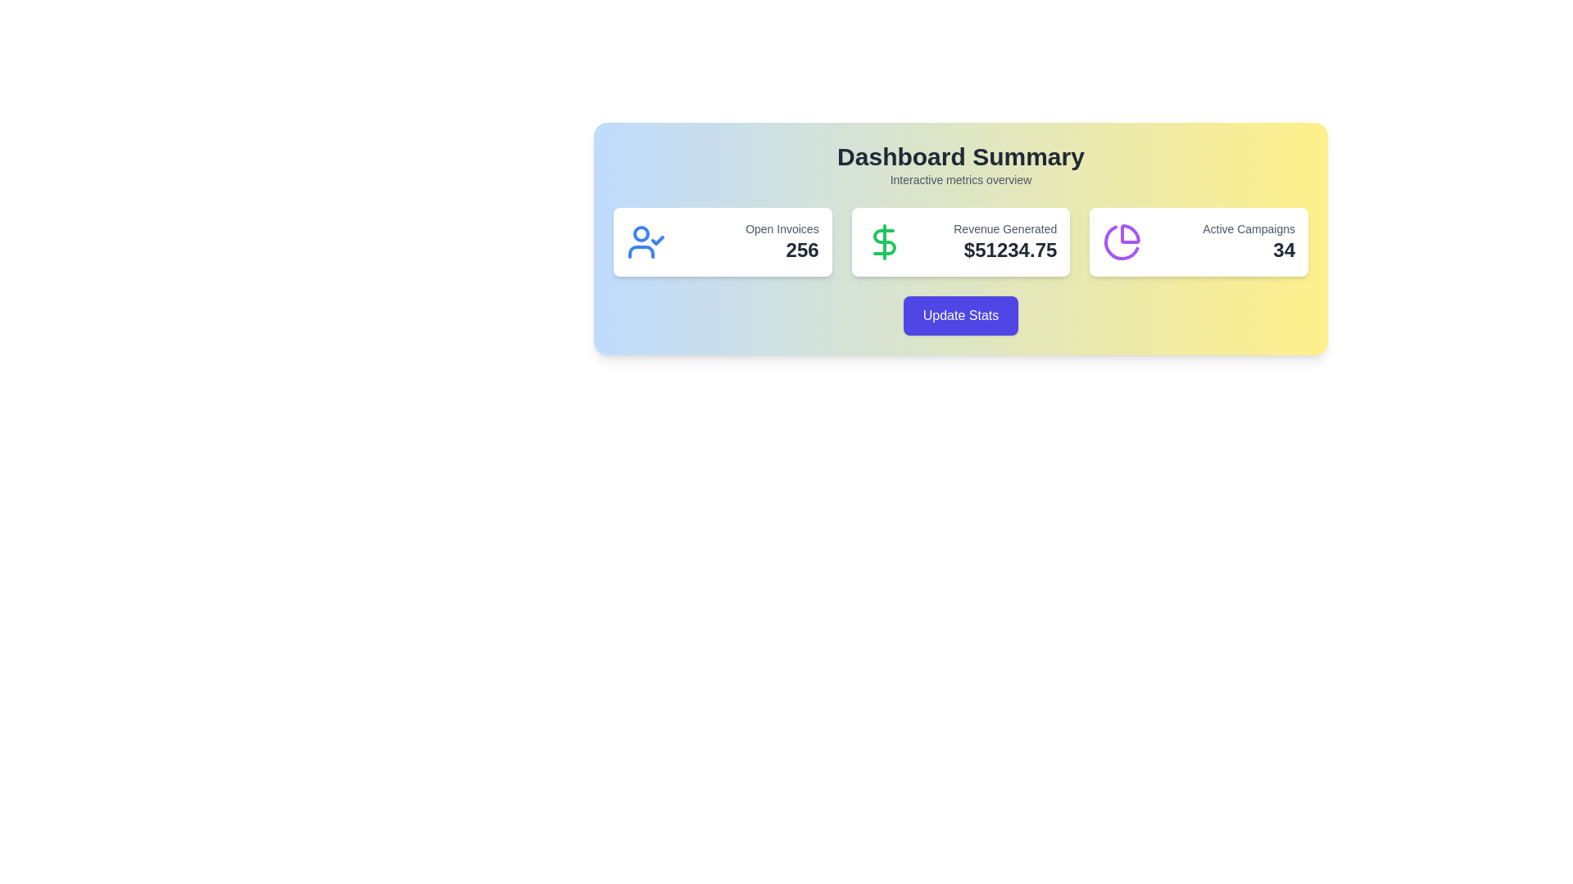  I want to click on the representation of the shaded segment within the pie-chart icon located in the 'Active Campaigns' card on the main dashboard, so click(1130, 234).